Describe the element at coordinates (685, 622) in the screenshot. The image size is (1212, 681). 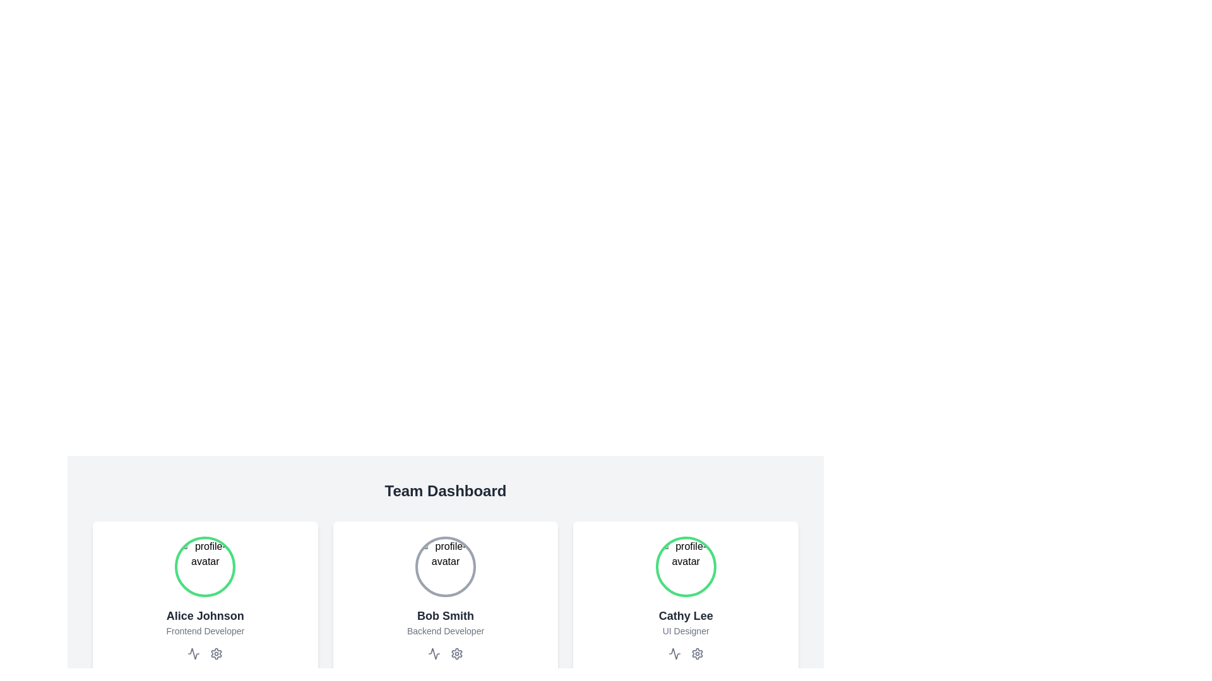
I see `the Text display block that provides the name and role of the individual in the third profile card, located at the far right of the row, directly below the circular profile picture` at that location.